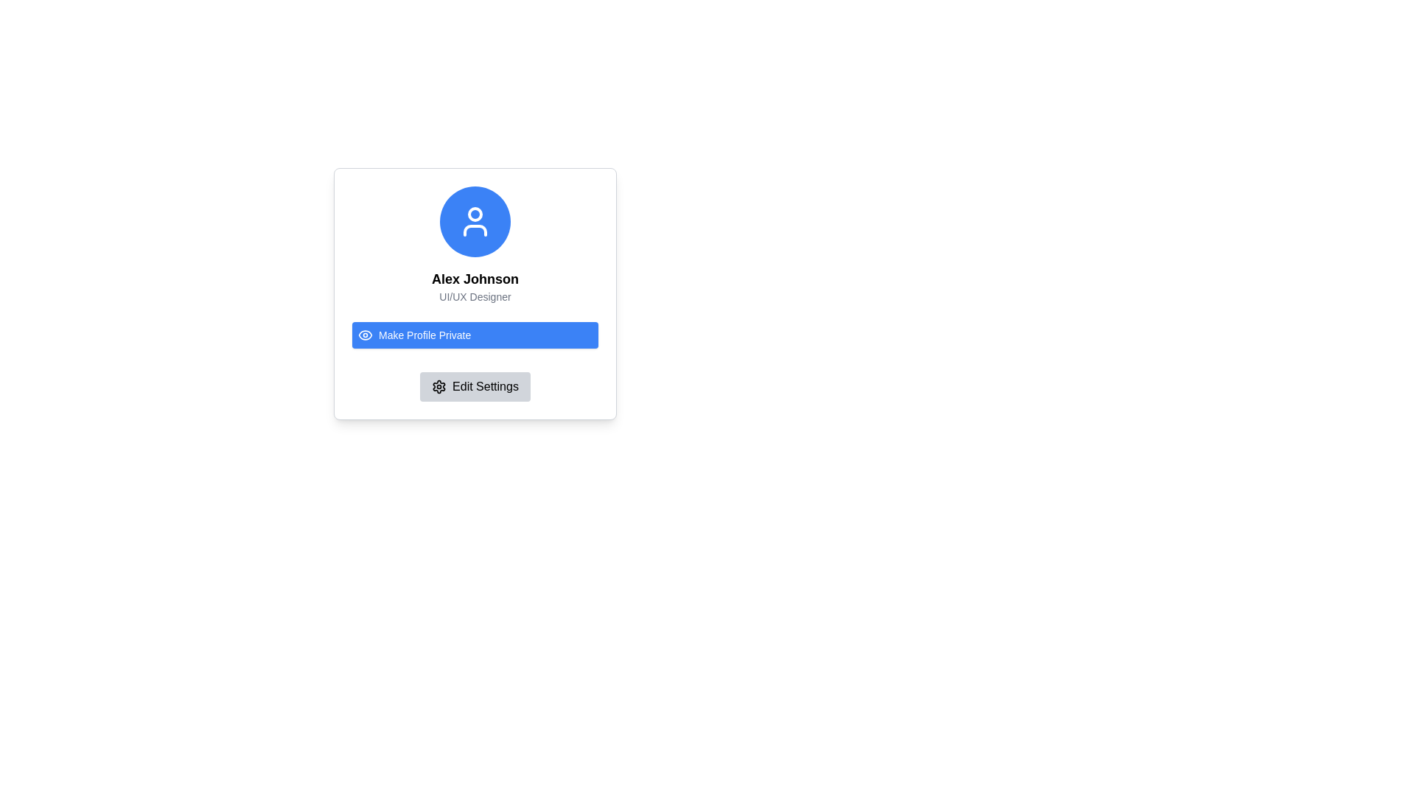 The height and width of the screenshot is (796, 1415). I want to click on the settings edit button located at the bottom of the content card to observe a background color change, so click(475, 385).